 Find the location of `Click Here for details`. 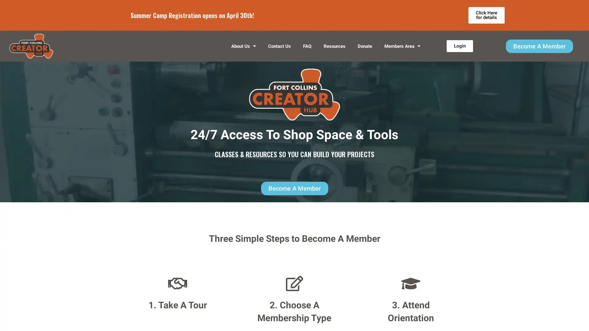

Click Here for details is located at coordinates (486, 15).